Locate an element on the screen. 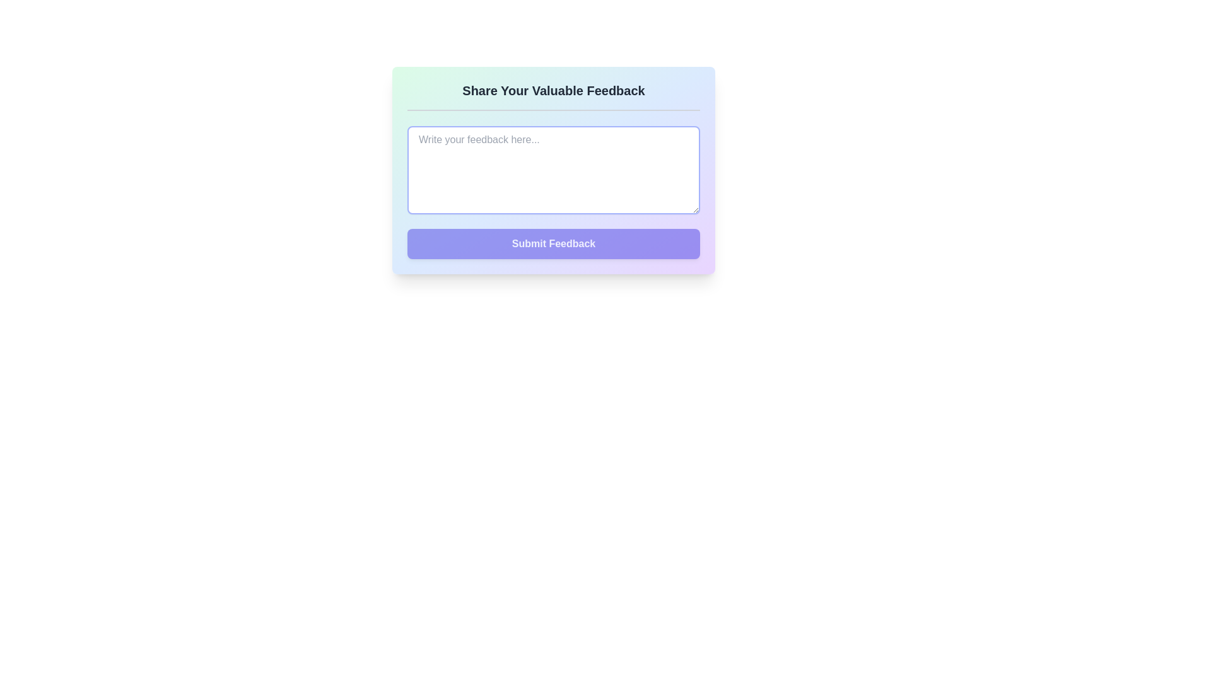 Image resolution: width=1211 pixels, height=681 pixels. the rectangular button labeled 'Submit Feedback' with a purple gradient background located at the bottom of its section is located at coordinates (554, 243).